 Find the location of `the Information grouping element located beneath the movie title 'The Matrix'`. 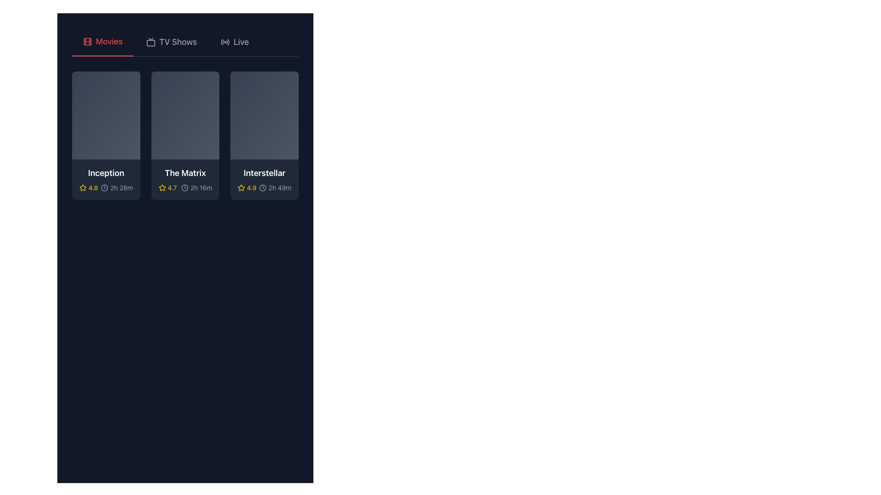

the Information grouping element located beneath the movie title 'The Matrix' is located at coordinates (184, 187).